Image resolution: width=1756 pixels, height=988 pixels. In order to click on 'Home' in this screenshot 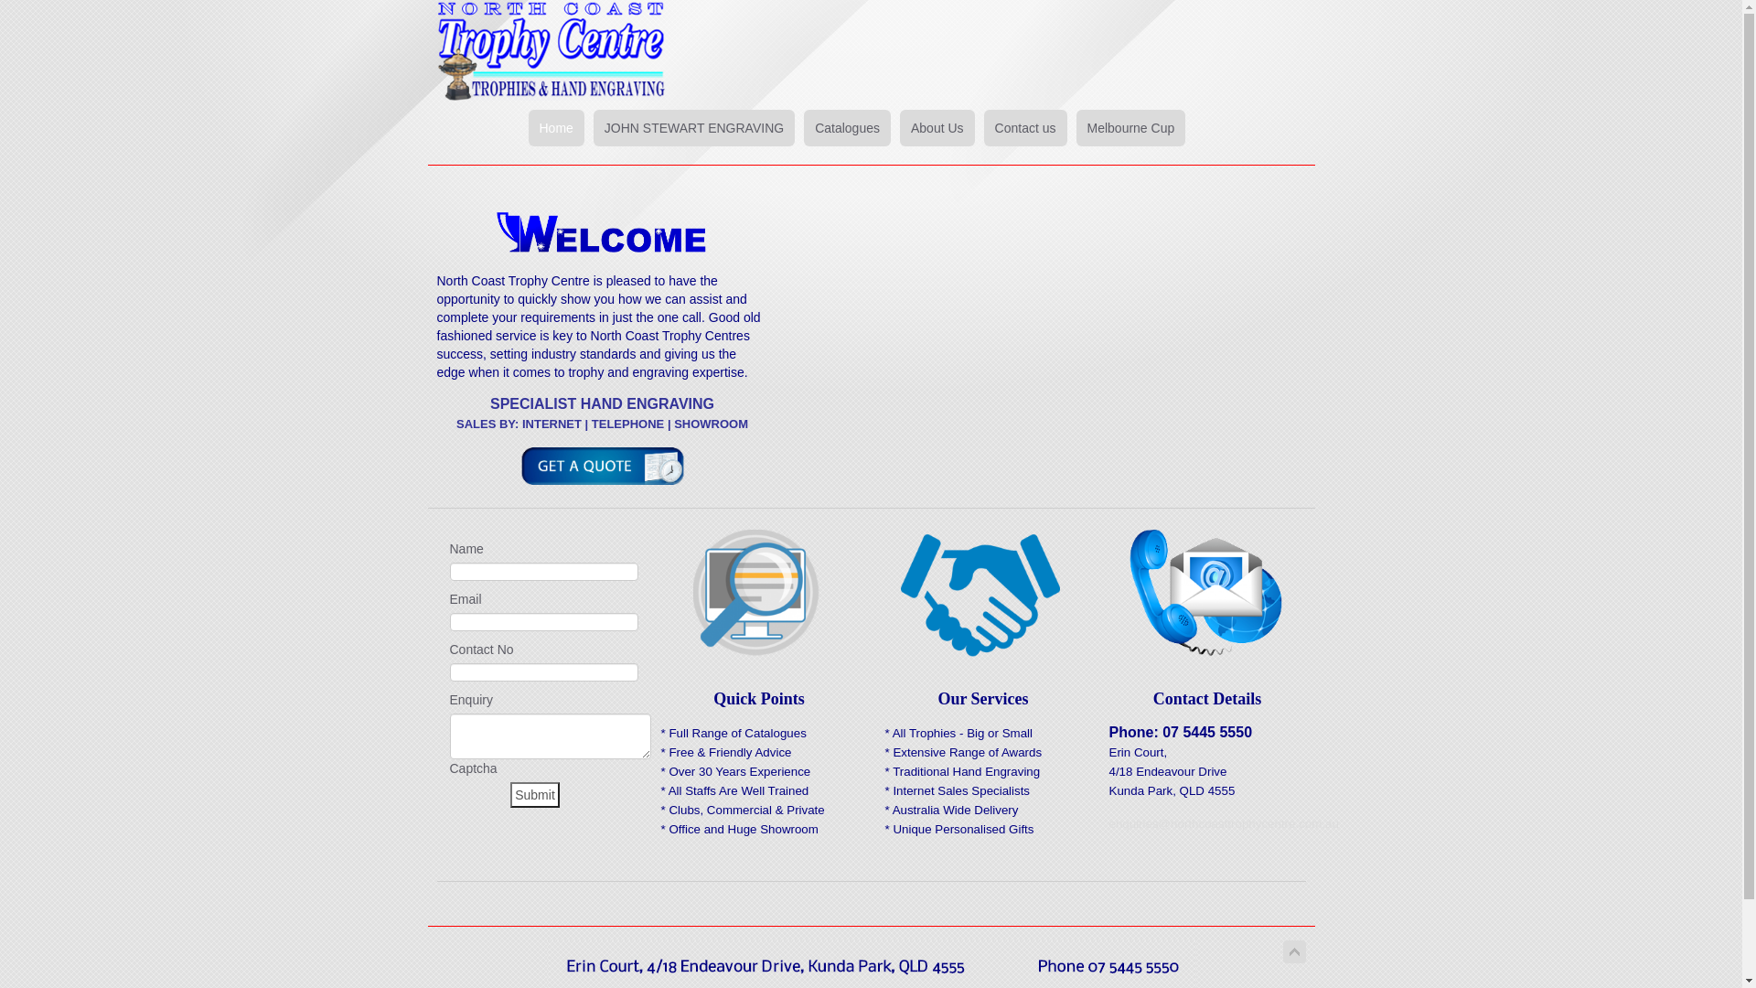, I will do `click(527, 126)`.